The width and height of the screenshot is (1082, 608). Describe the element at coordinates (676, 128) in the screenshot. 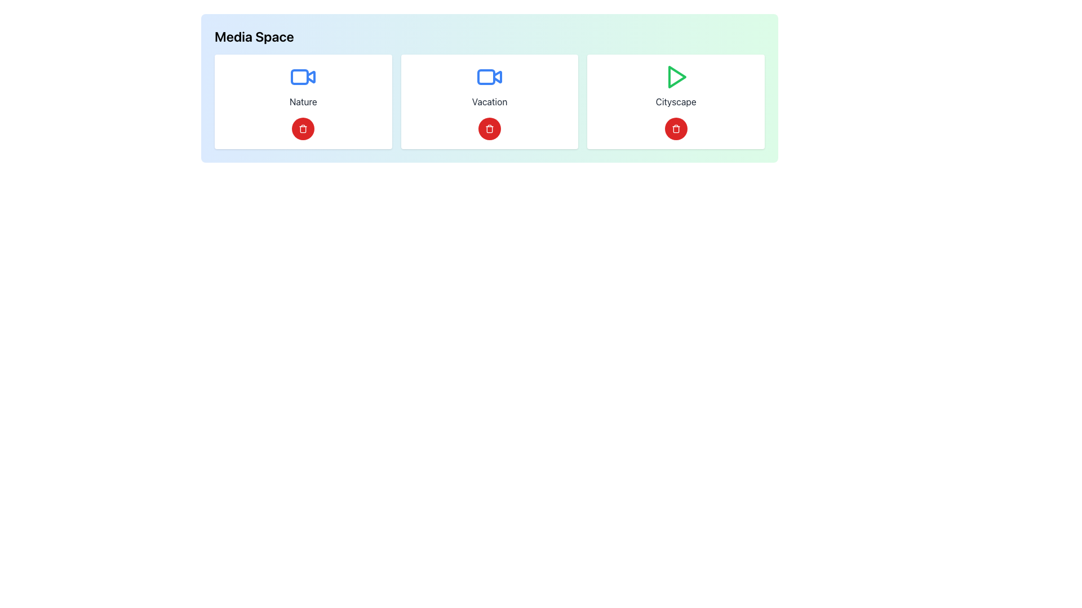

I see `the Interactive Icon Button located at the bottom-center of the card labeled 'Cityscape'` at that location.